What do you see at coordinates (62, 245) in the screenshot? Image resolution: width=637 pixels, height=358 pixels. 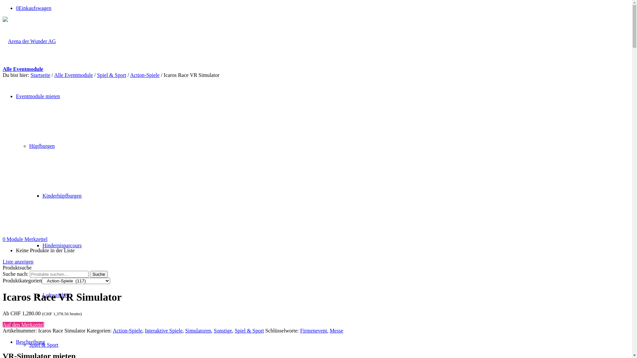 I see `'Hindernisparcours'` at bounding box center [62, 245].